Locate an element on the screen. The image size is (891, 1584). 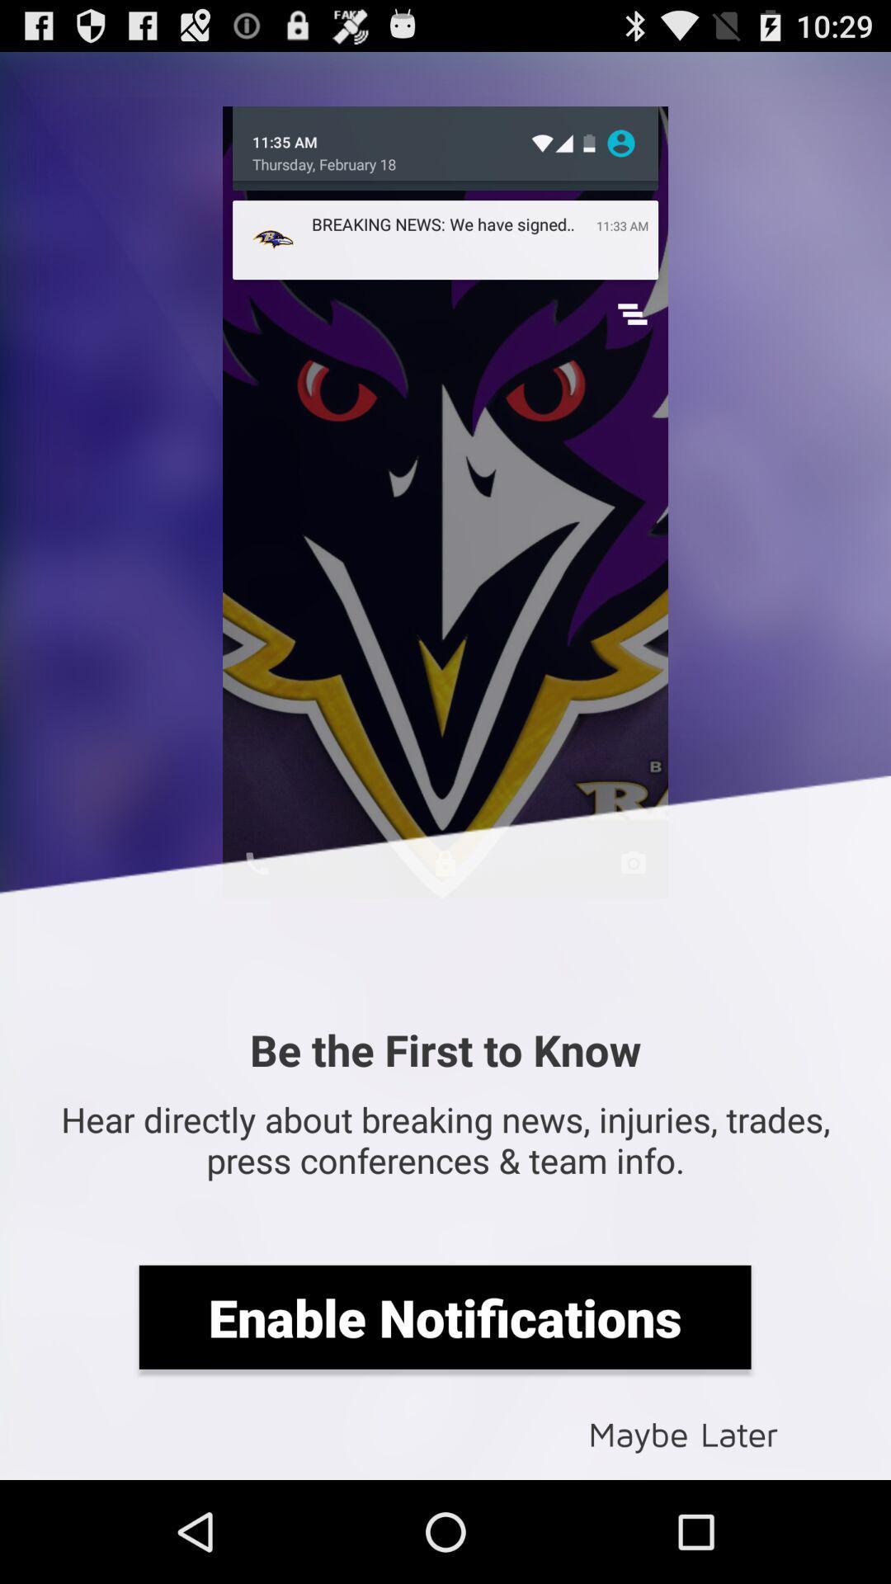
icon above the maybe later item is located at coordinates (444, 1316).